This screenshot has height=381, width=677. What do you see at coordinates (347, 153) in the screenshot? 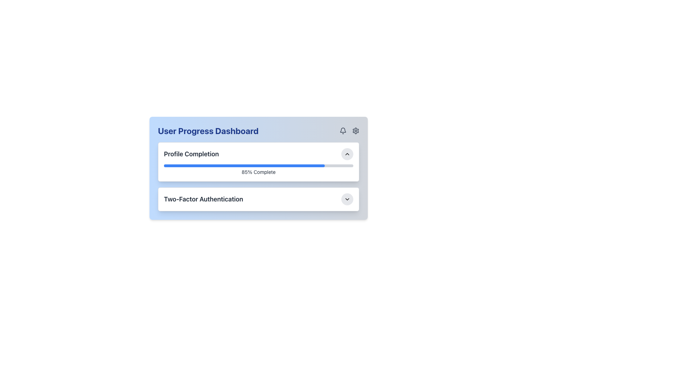
I see `the button located at the far right end of the 'Profile Completion' section` at bounding box center [347, 153].